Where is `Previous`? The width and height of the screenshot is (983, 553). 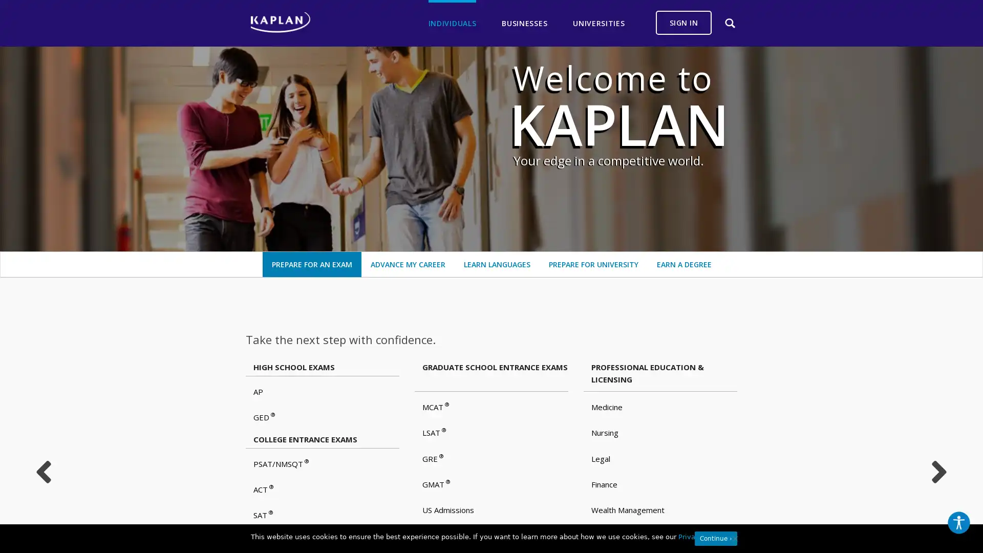
Previous is located at coordinates (42, 472).